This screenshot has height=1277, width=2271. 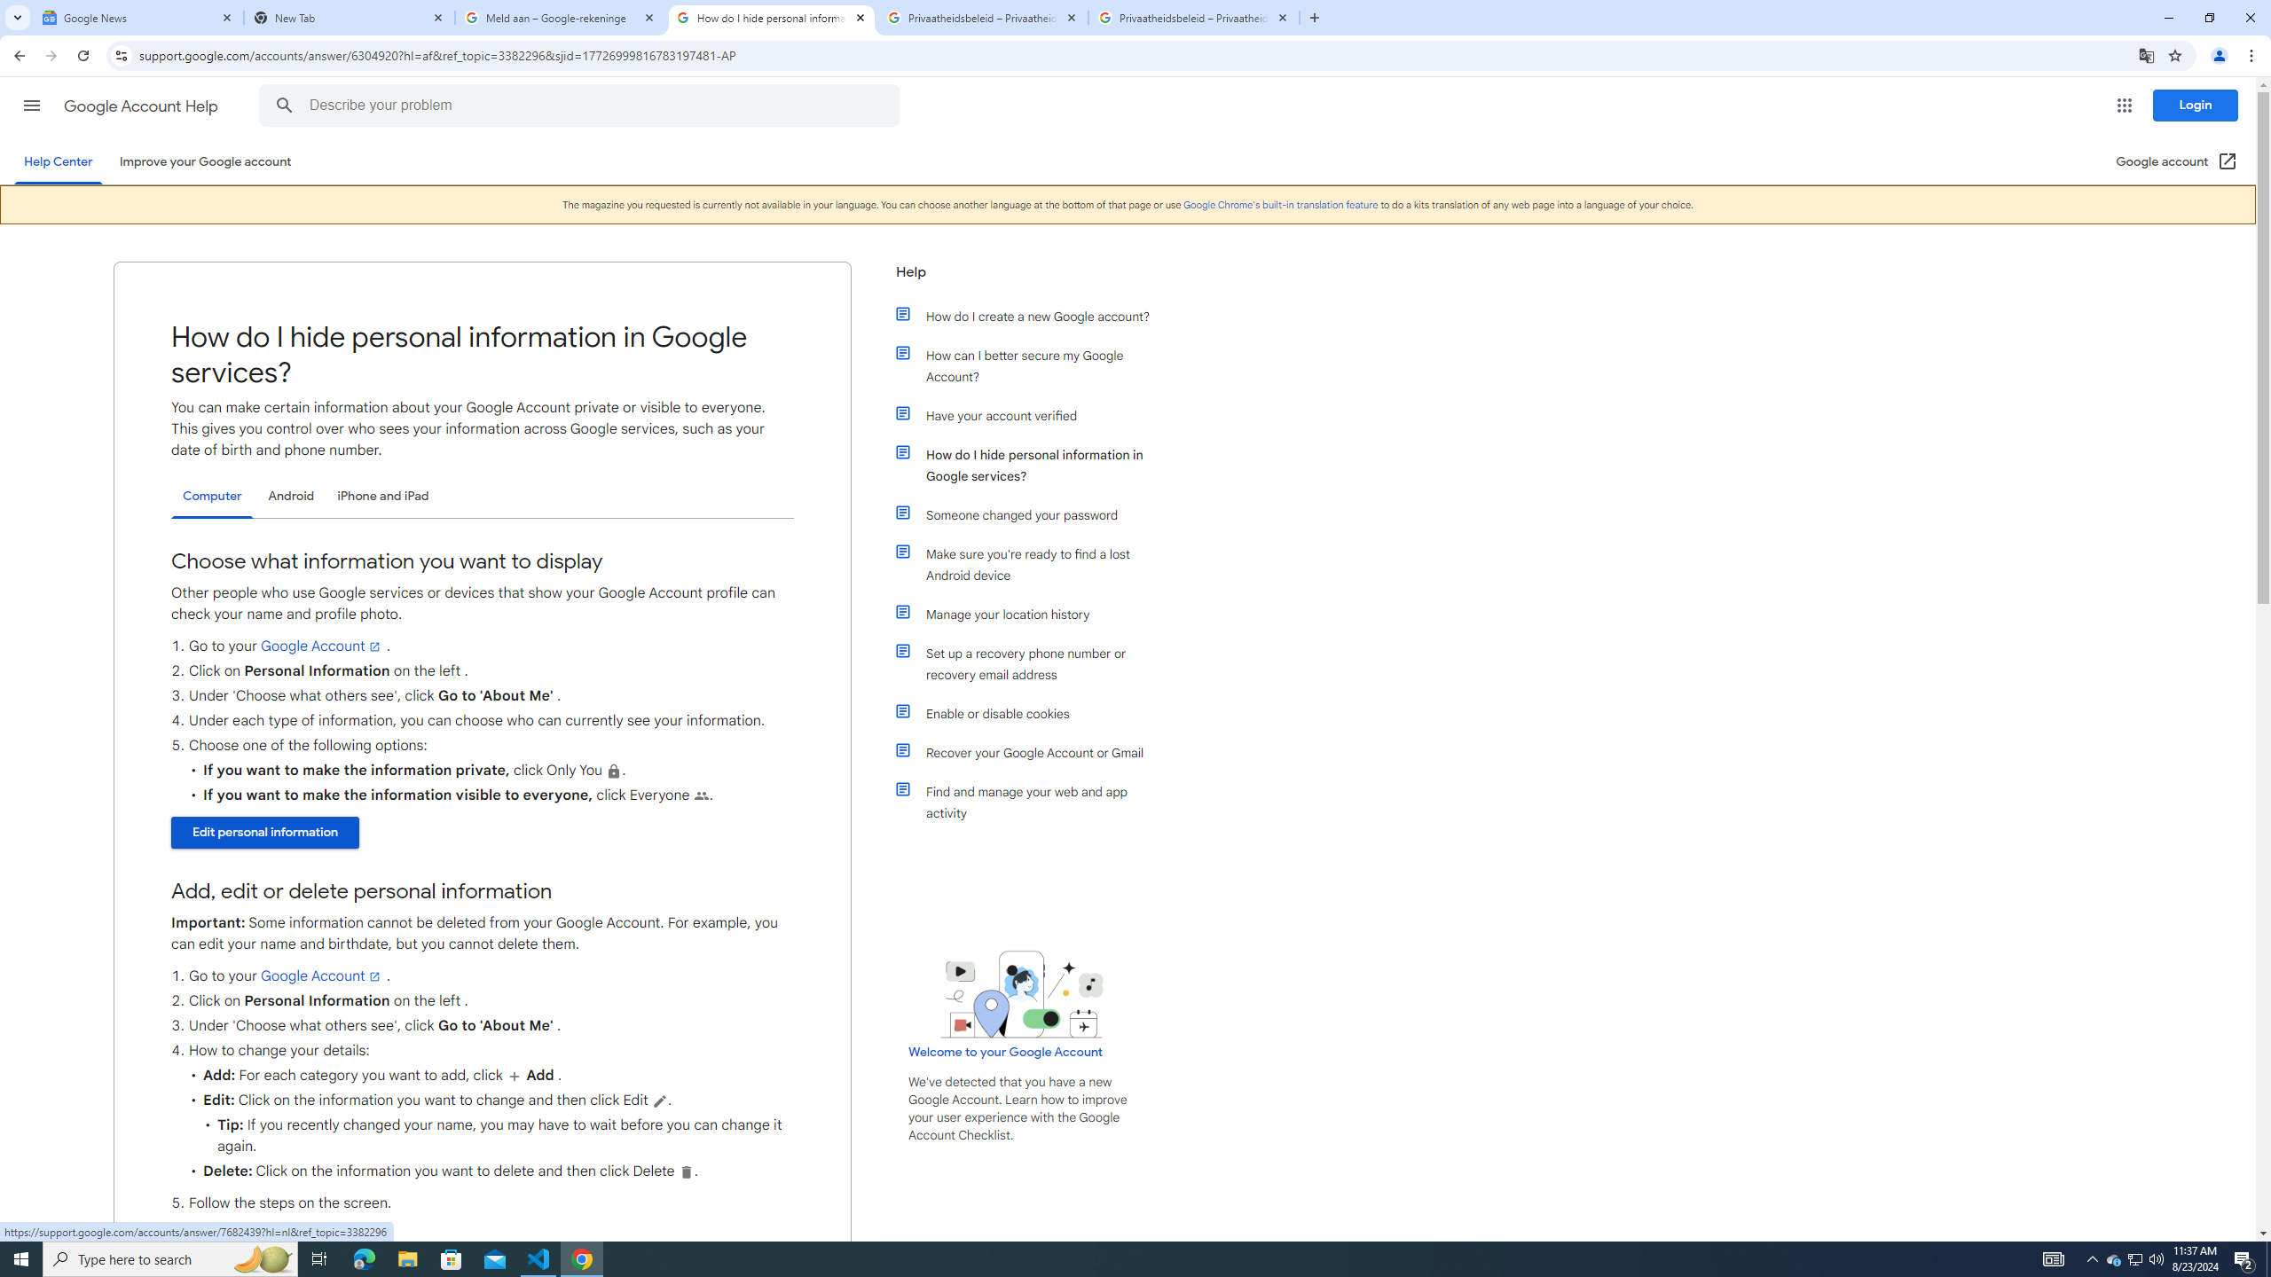 I want to click on 'How do I create a new Google account?', so click(x=1031, y=316).